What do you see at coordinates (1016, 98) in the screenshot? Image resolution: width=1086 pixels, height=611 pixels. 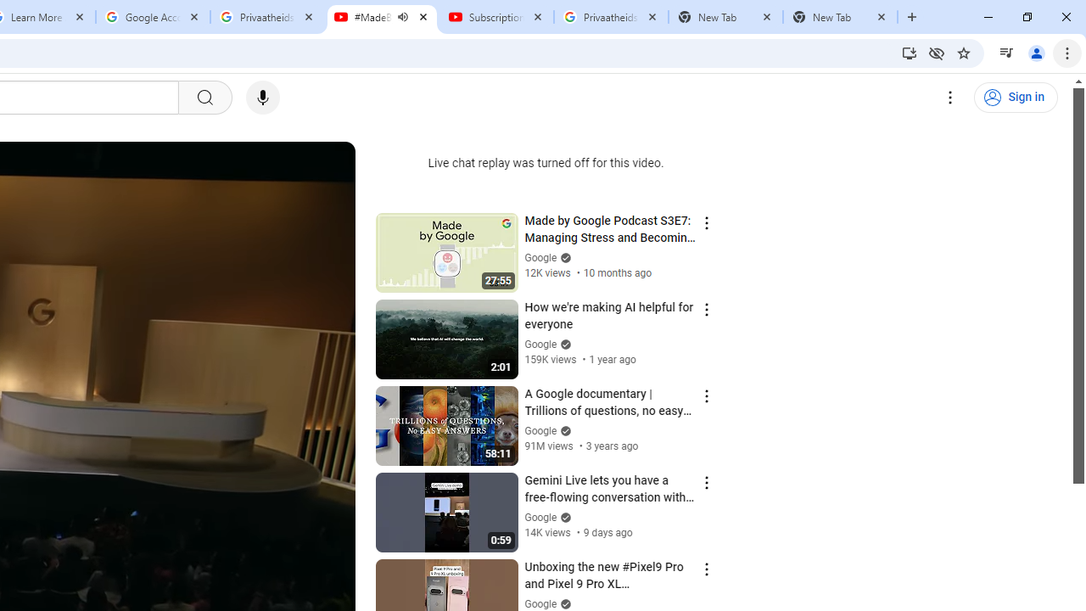 I see `'Sign in'` at bounding box center [1016, 98].